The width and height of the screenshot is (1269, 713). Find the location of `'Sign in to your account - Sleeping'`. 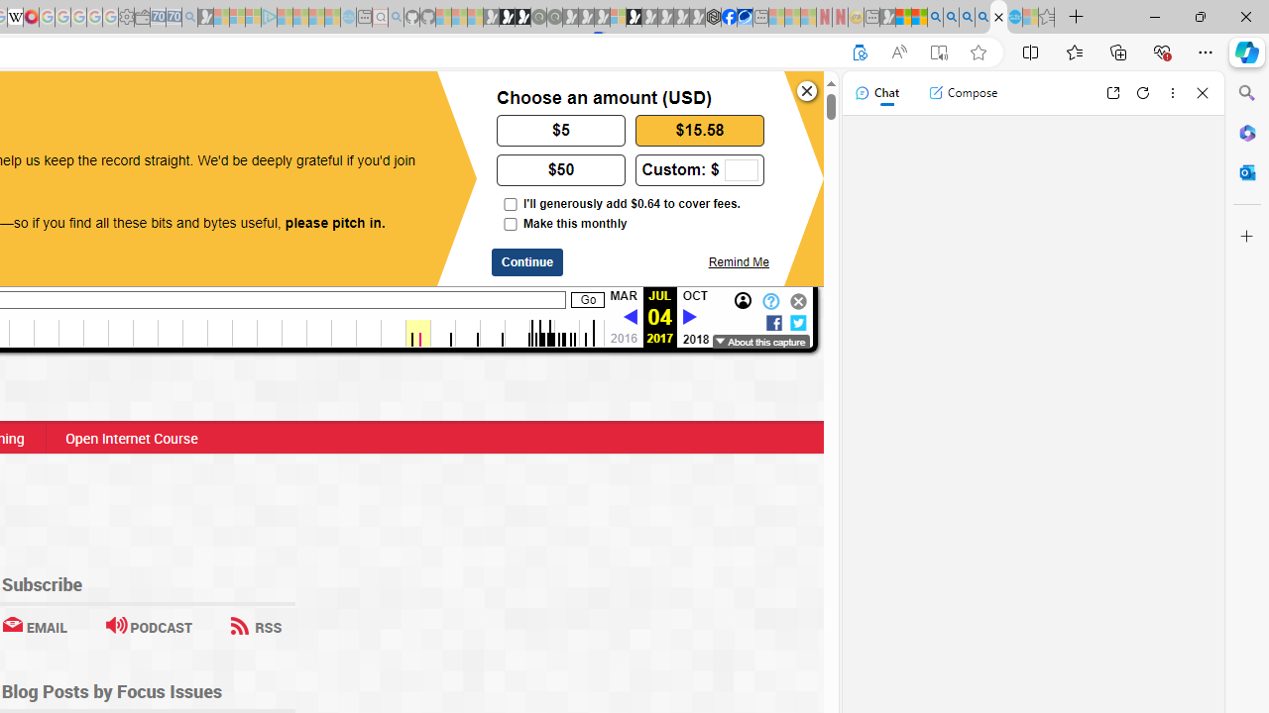

'Sign in to your account - Sleeping' is located at coordinates (617, 17).